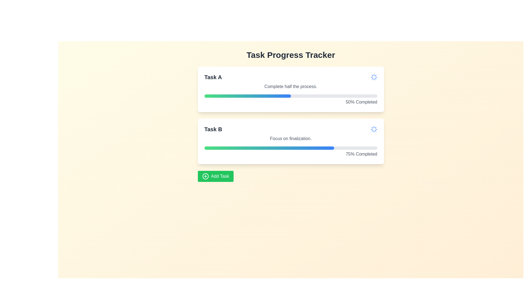 This screenshot has height=299, width=532. What do you see at coordinates (290, 148) in the screenshot?
I see `the rectangular progress bar with rounded ends located in the 'Task B' card of the 'Task Progress Tracker' section, which features a gradient fill from green to blue, indicating progress` at bounding box center [290, 148].